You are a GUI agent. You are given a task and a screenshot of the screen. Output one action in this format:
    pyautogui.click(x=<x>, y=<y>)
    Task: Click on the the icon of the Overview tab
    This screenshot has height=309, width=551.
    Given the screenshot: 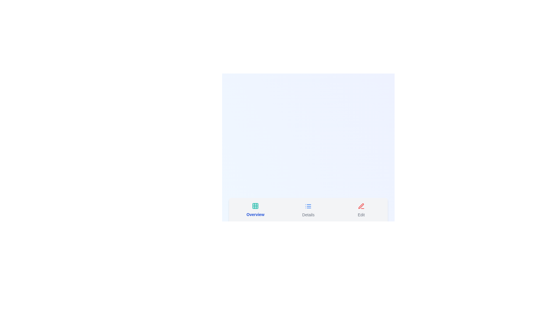 What is the action you would take?
    pyautogui.click(x=255, y=205)
    